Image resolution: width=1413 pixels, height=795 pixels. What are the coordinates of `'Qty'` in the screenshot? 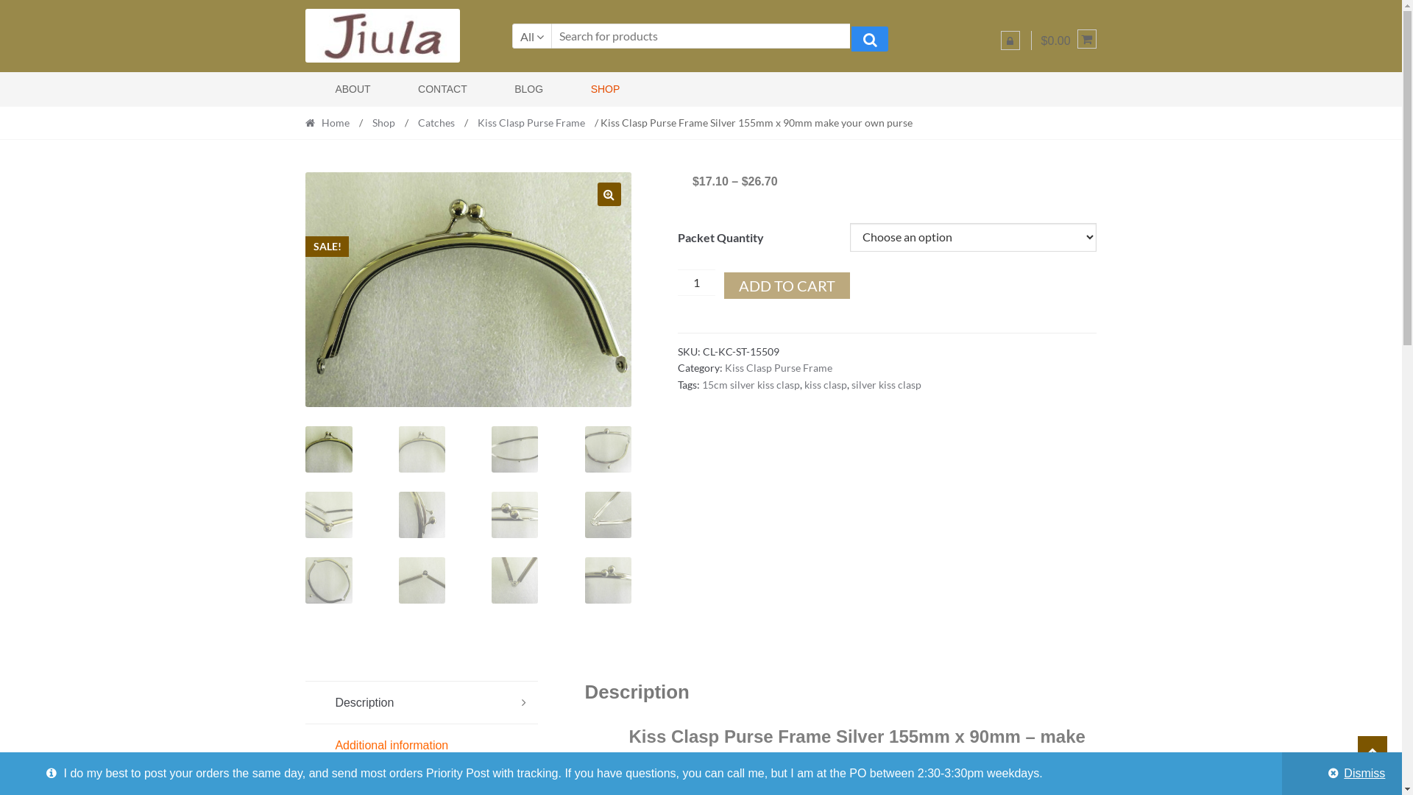 It's located at (695, 283).